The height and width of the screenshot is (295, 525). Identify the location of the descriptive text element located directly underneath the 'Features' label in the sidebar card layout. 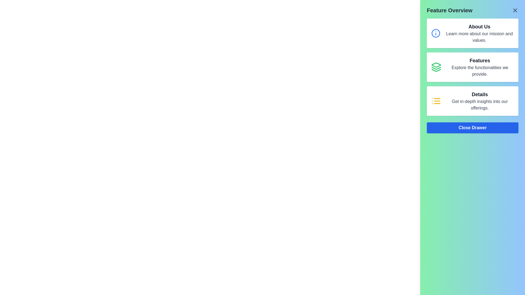
(480, 70).